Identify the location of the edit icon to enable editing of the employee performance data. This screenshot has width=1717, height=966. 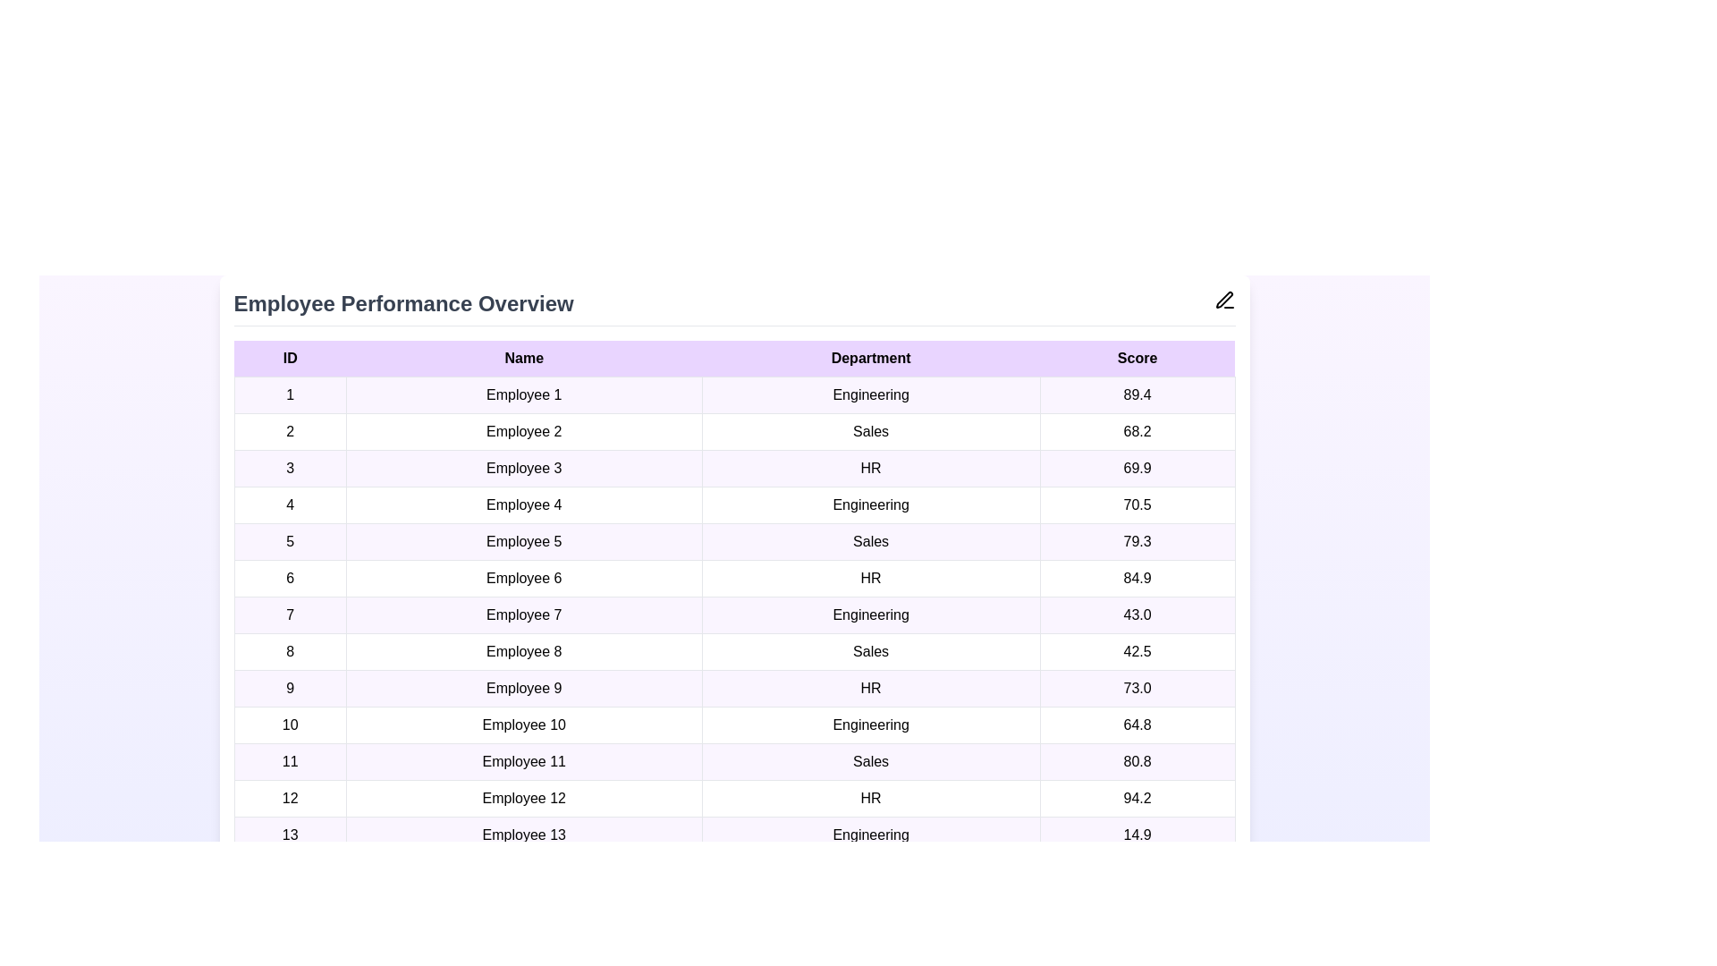
(1223, 299).